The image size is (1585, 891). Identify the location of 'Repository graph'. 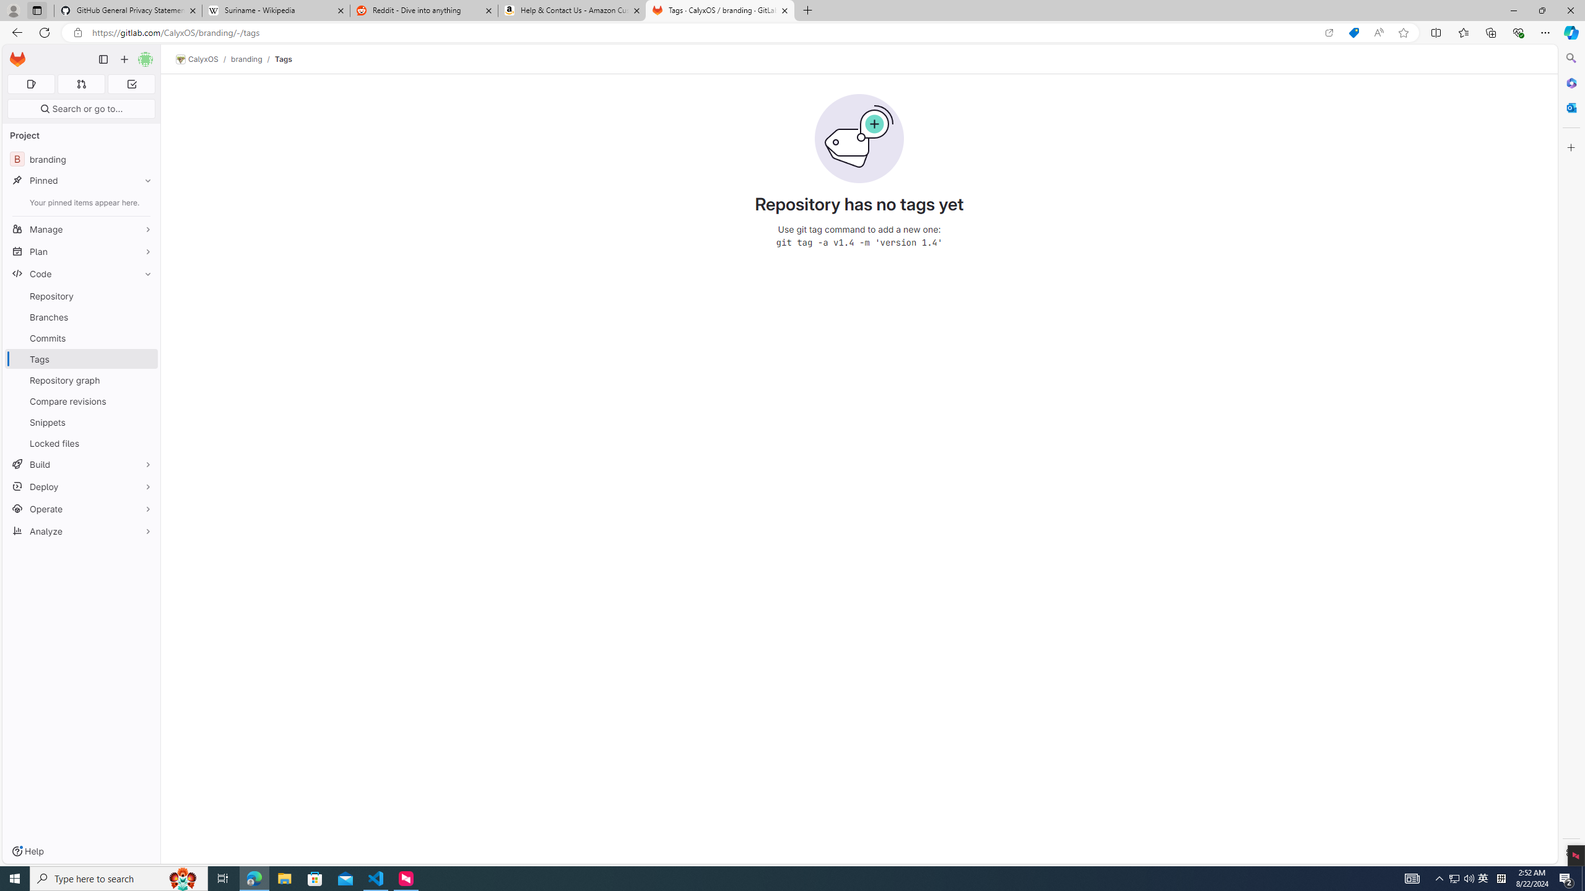
(80, 379).